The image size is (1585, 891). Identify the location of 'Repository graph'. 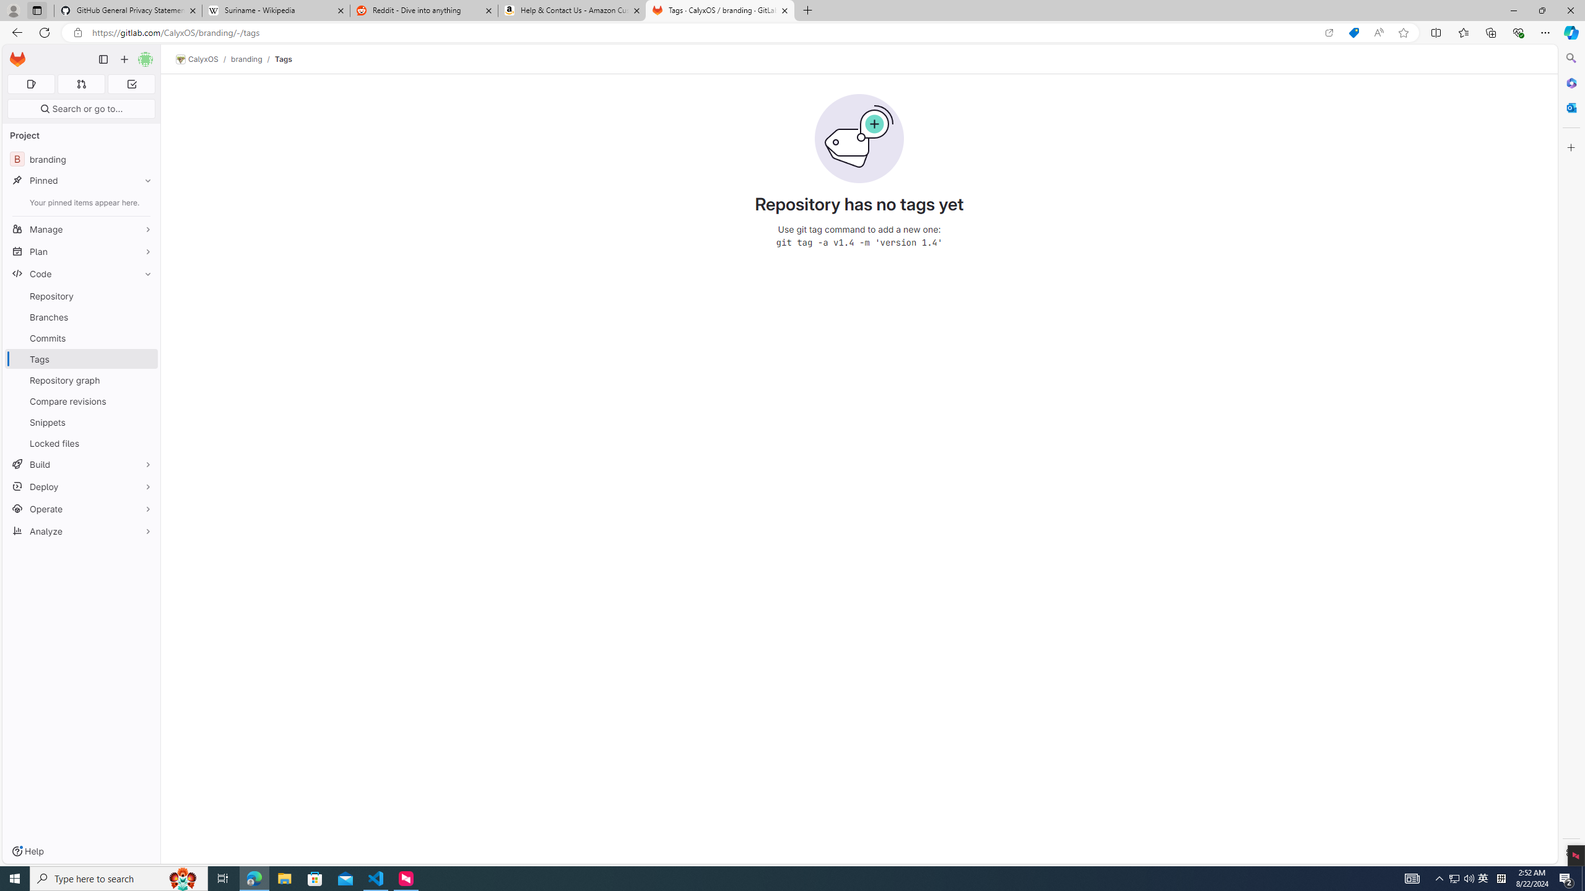
(80, 379).